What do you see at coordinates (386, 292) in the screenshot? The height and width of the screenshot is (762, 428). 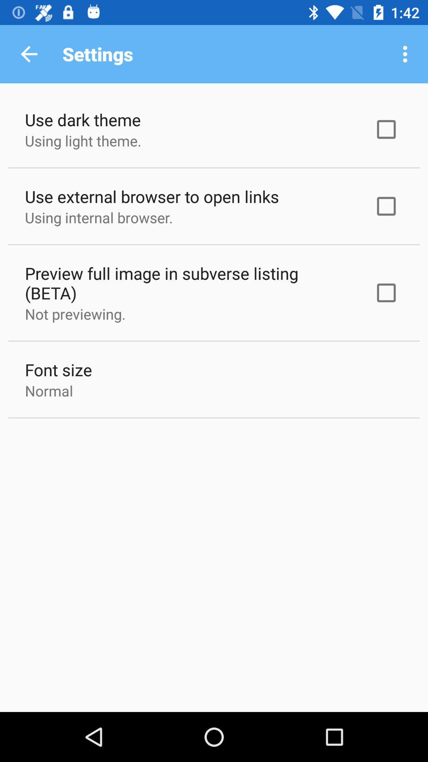 I see `the third empty box` at bounding box center [386, 292].